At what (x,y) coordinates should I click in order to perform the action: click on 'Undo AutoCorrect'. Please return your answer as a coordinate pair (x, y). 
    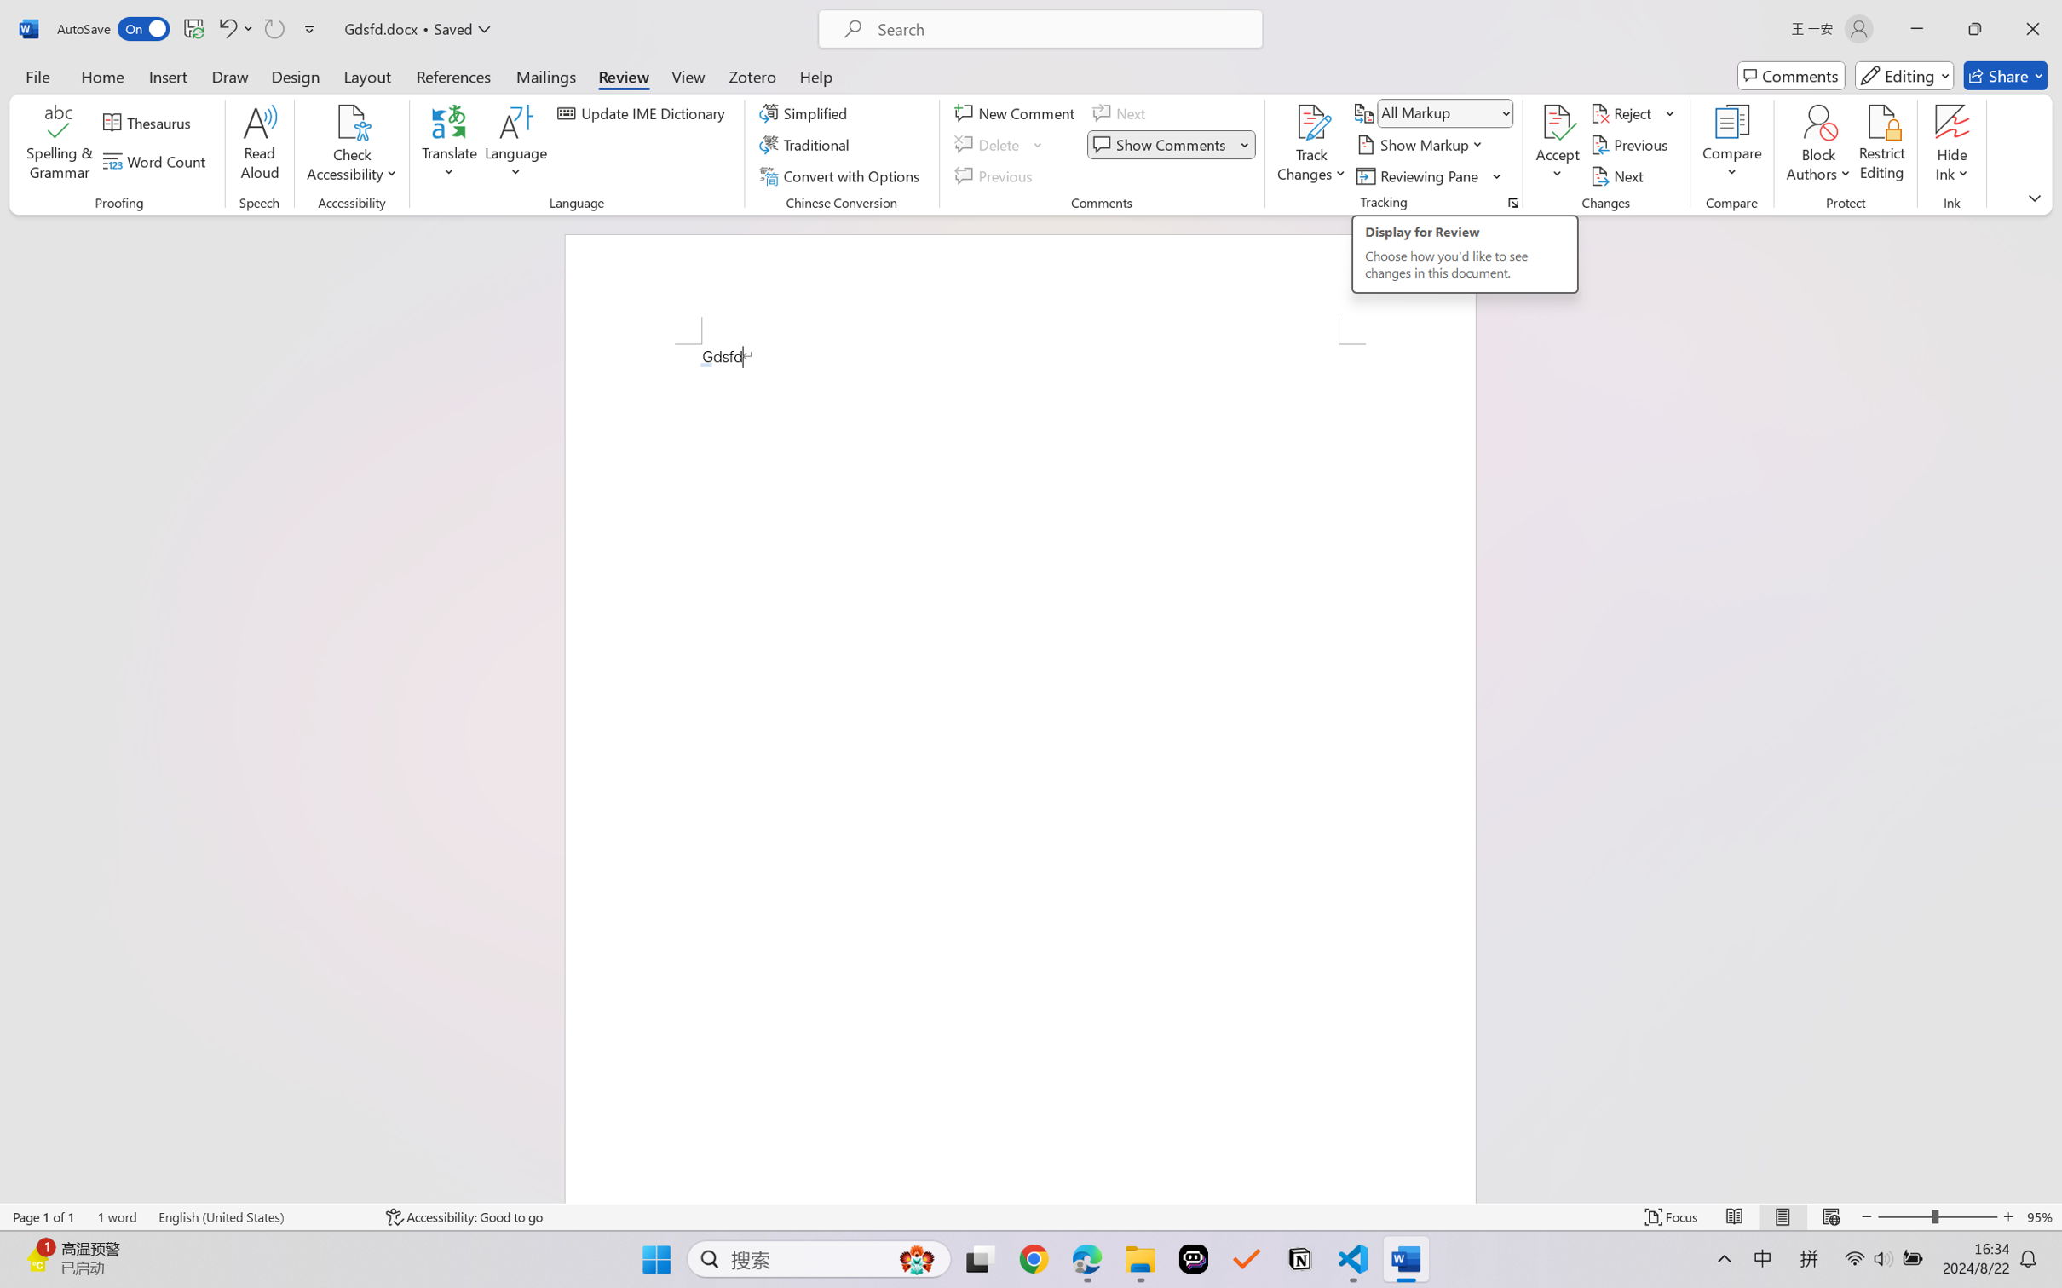
    Looking at the image, I should click on (226, 28).